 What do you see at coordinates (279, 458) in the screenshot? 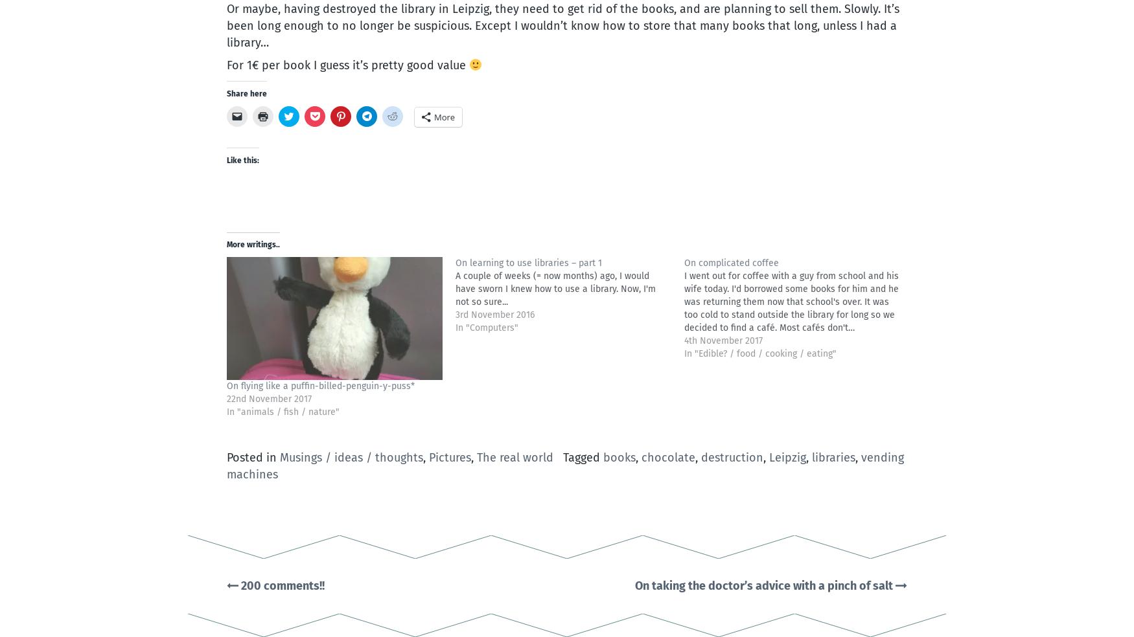
I see `'Musings / ideas / thoughts'` at bounding box center [279, 458].